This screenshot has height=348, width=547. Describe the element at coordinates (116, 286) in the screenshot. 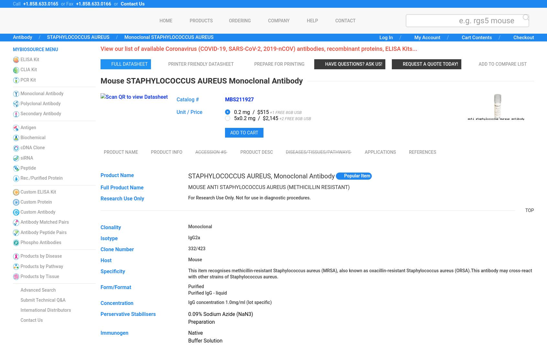

I see `'Form/Format'` at that location.